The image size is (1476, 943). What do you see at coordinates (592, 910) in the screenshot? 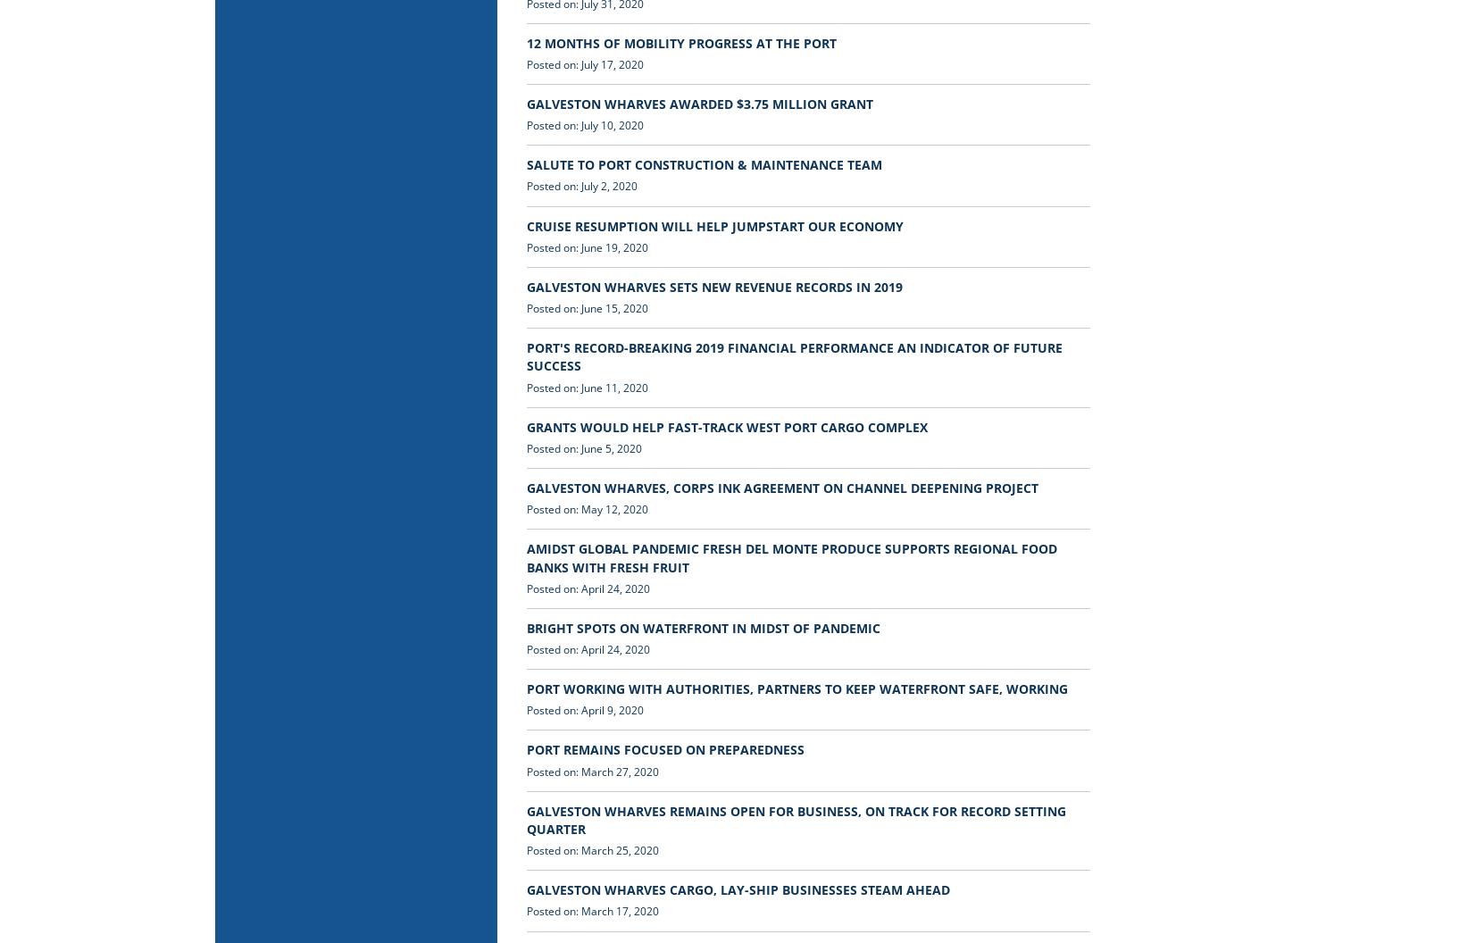
I see `'Posted on: March 17, 2020'` at bounding box center [592, 910].